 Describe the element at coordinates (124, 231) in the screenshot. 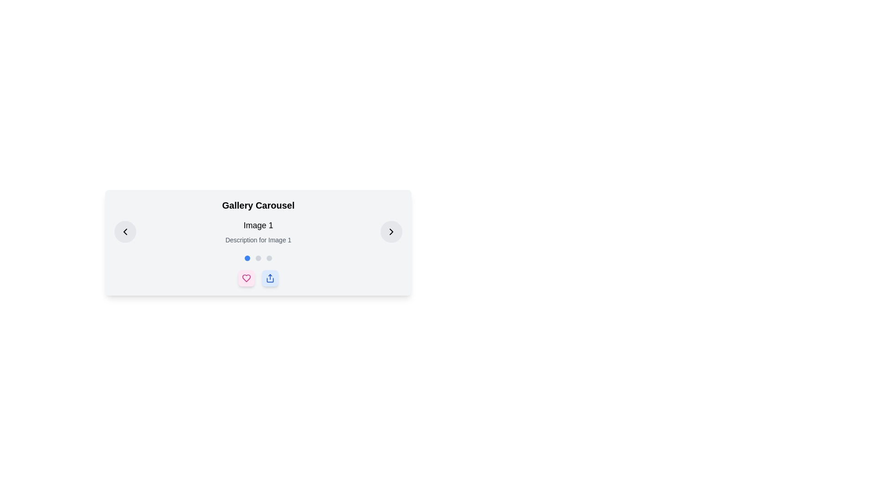

I see `the left-pointing chevron icon` at that location.